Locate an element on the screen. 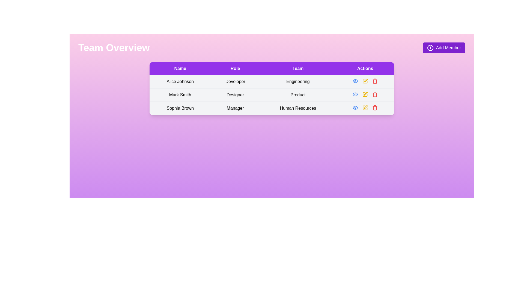  the small yellow pen icon in the Actions column of the first row associated with 'Alice Johnson' is located at coordinates (366, 80).